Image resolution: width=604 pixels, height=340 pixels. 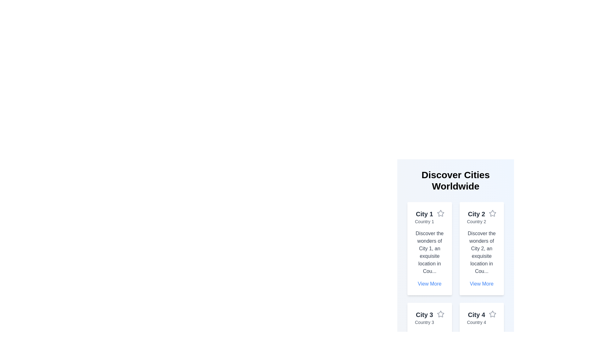 I want to click on the star icon in the bottom-right of the 'City 4' card to mark it as a favorite, so click(x=492, y=314).